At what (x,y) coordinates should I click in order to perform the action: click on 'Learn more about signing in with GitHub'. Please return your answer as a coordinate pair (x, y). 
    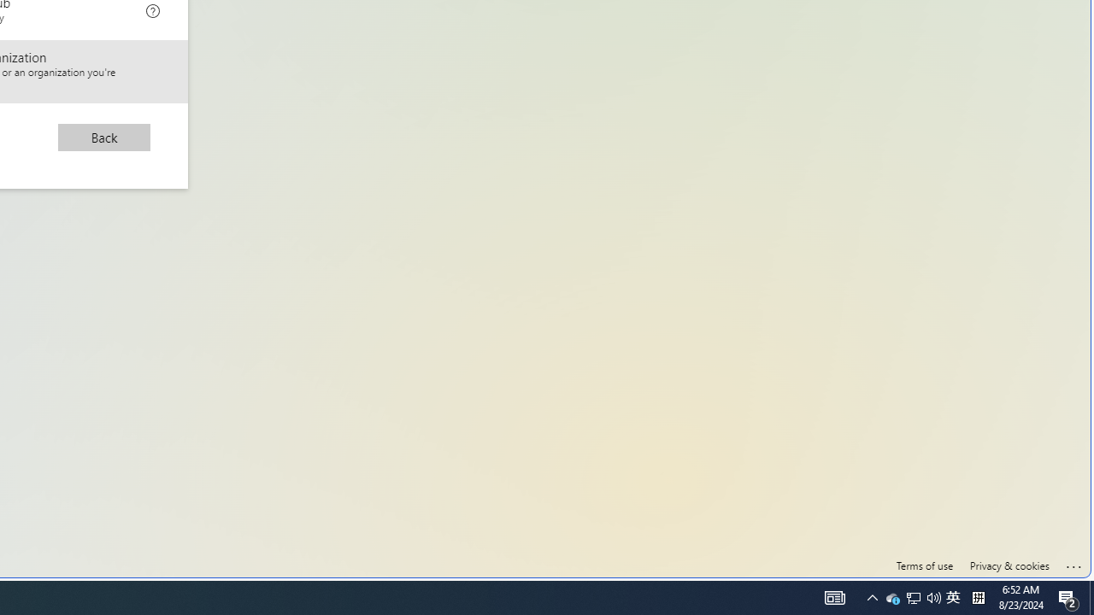
    Looking at the image, I should click on (153, 9).